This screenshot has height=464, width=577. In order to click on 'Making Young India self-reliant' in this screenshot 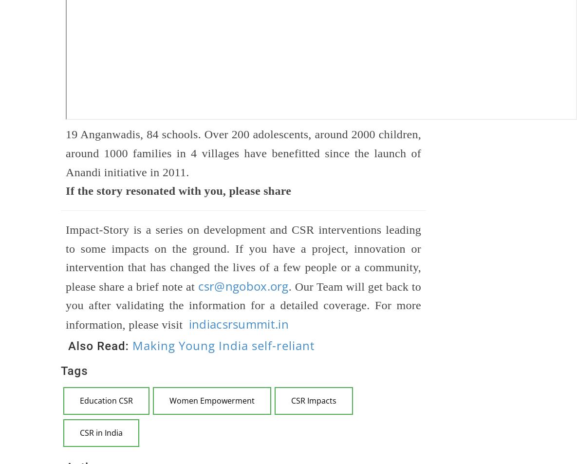, I will do `click(223, 345)`.